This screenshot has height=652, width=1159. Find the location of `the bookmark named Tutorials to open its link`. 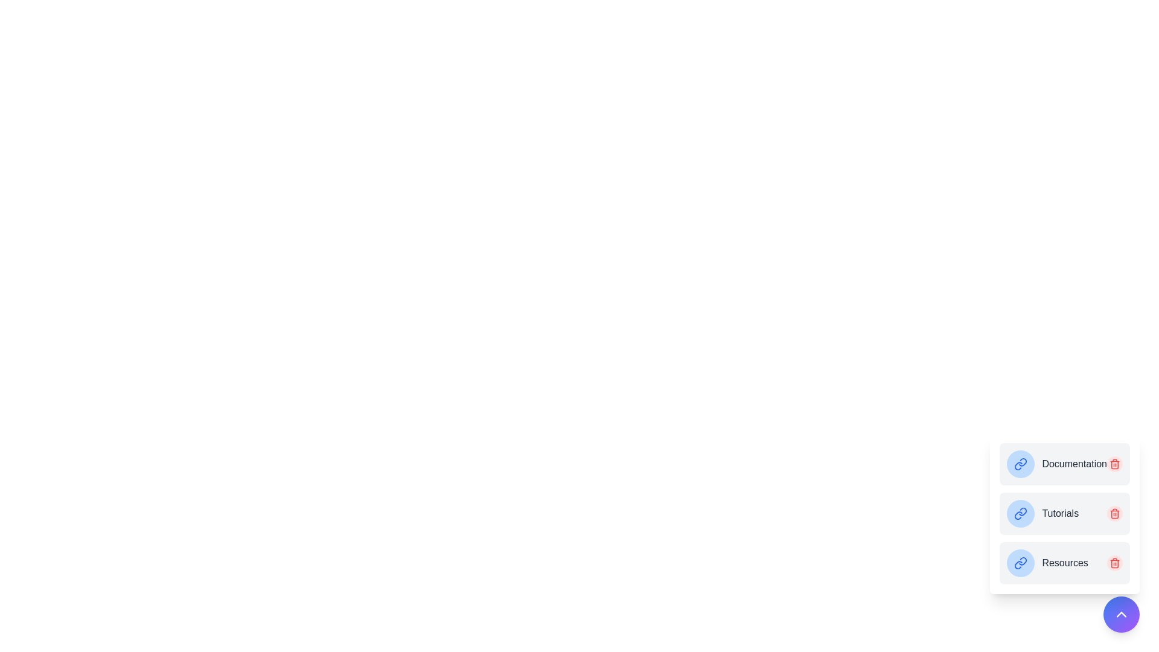

the bookmark named Tutorials to open its link is located at coordinates (1059, 514).